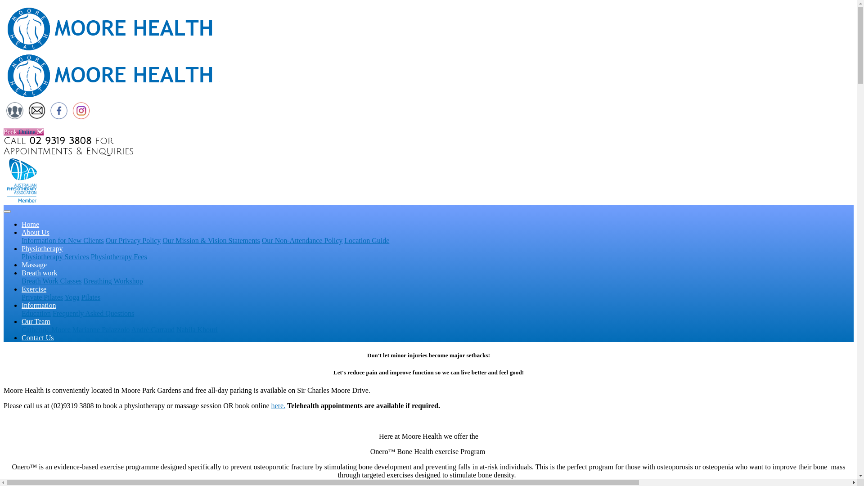  Describe the element at coordinates (4, 131) in the screenshot. I see `'Book Online'` at that location.